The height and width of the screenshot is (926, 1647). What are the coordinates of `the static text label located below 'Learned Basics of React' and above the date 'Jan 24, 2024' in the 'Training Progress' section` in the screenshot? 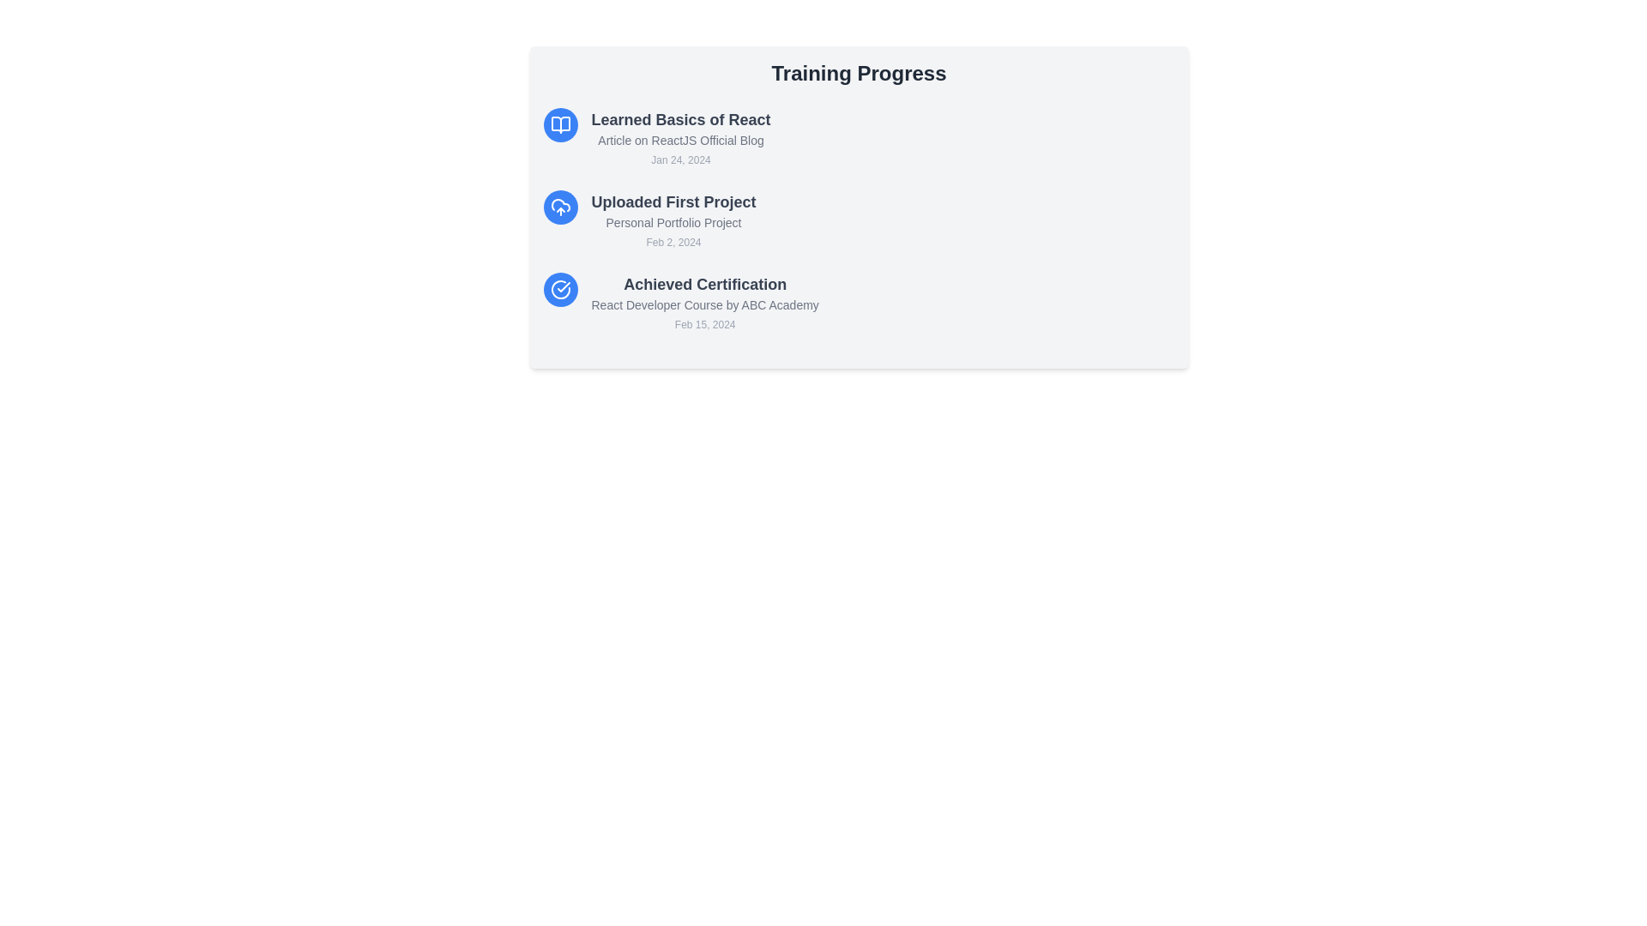 It's located at (680, 140).